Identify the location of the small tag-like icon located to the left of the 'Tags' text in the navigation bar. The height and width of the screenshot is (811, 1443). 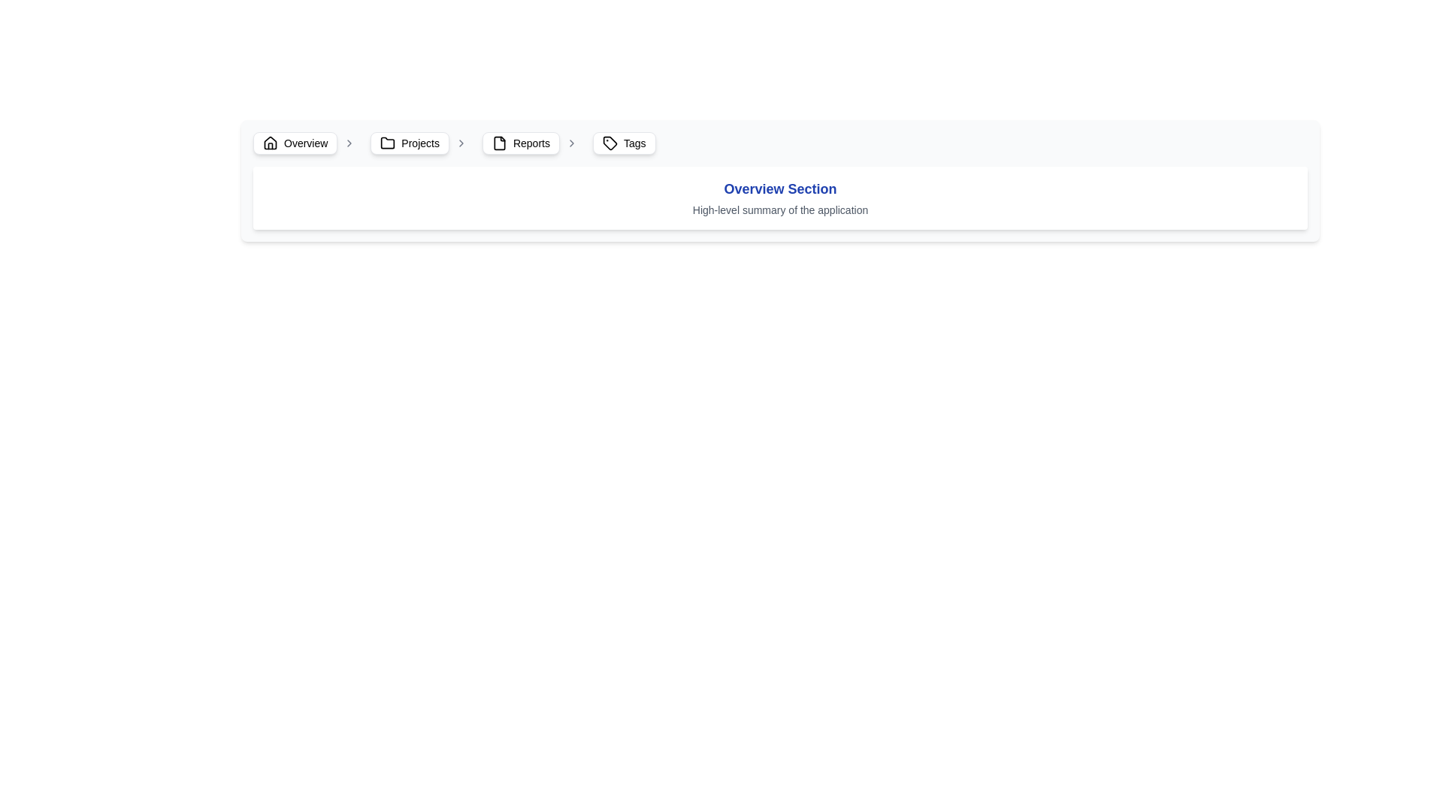
(610, 143).